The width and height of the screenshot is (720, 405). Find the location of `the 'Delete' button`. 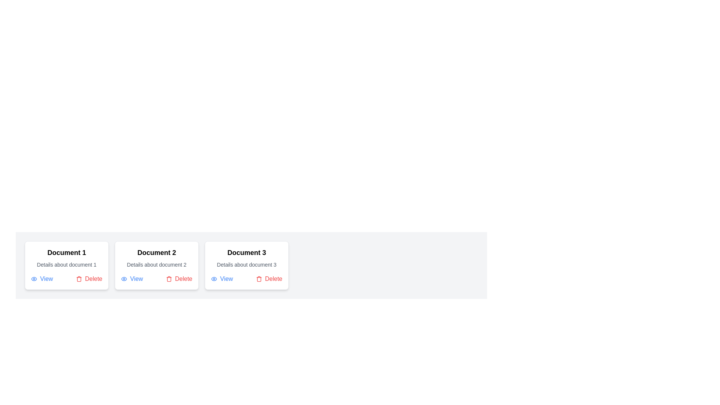

the 'Delete' button is located at coordinates (89, 279).